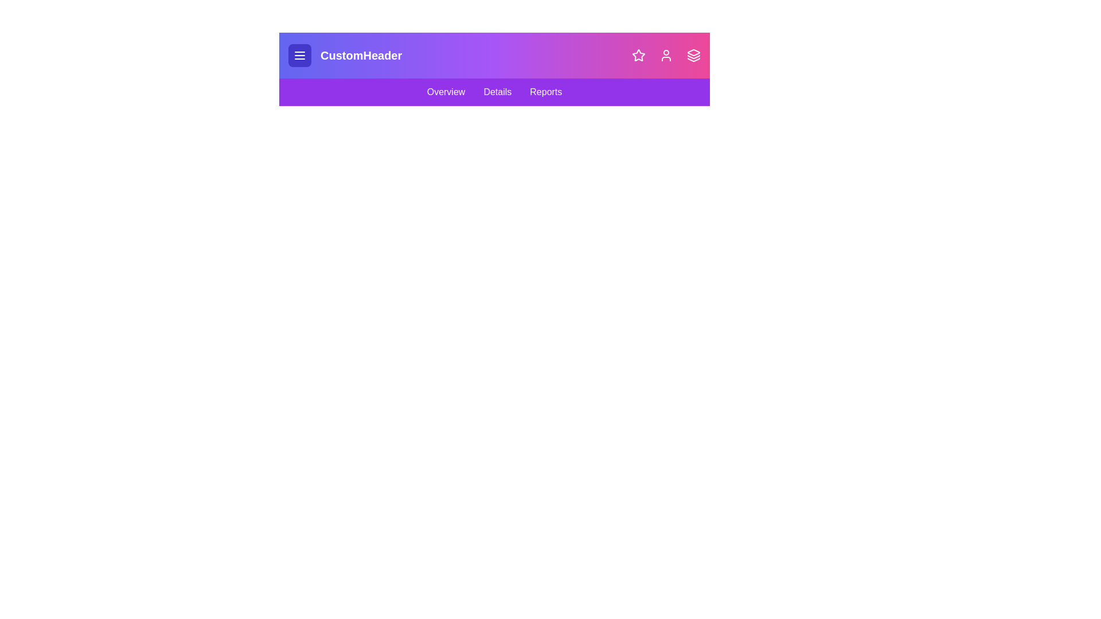 The height and width of the screenshot is (619, 1101). Describe the element at coordinates (545, 92) in the screenshot. I see `the 'Reports' navigation link in the navigation bar` at that location.